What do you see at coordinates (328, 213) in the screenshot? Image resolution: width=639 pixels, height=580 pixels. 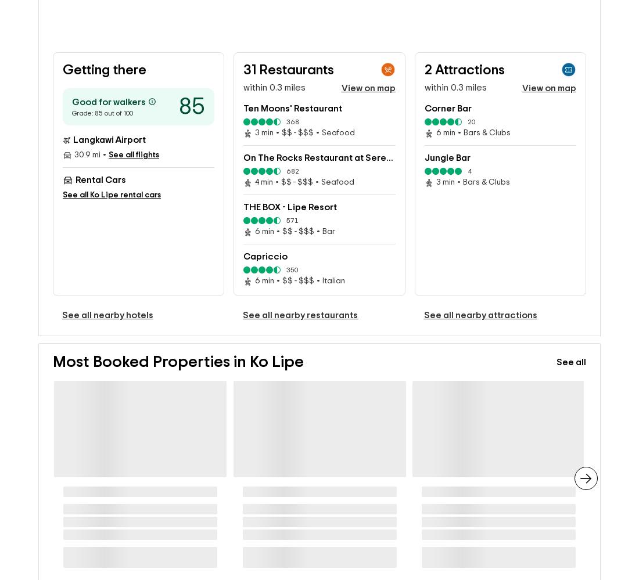 I see `'Bar'` at bounding box center [328, 213].